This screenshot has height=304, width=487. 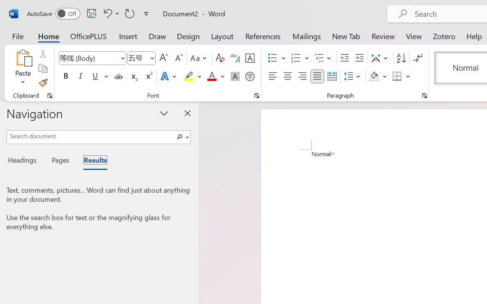 What do you see at coordinates (25, 161) in the screenshot?
I see `'Headings'` at bounding box center [25, 161].